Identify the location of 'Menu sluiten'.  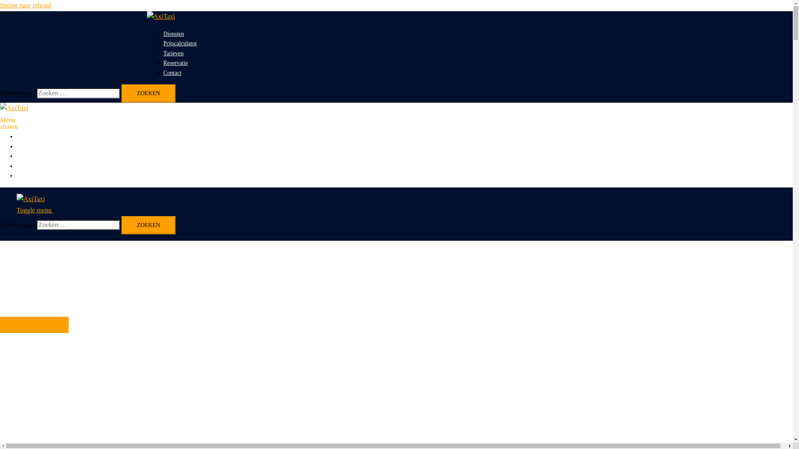
(3, 119).